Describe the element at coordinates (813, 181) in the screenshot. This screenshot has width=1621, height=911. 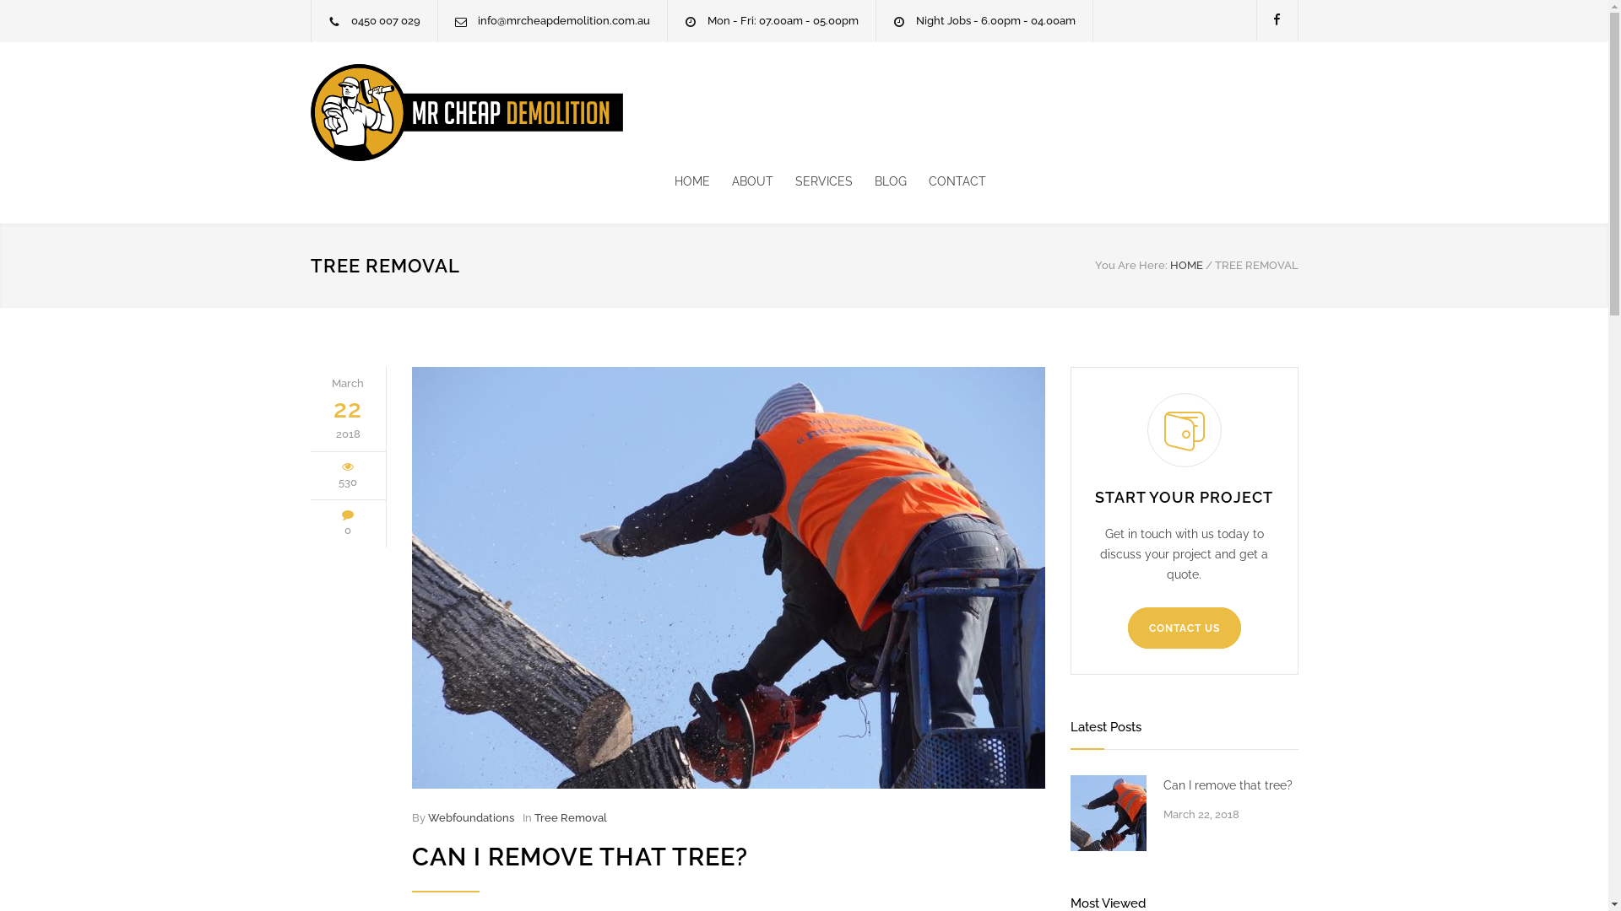
I see `'SERVICES'` at that location.